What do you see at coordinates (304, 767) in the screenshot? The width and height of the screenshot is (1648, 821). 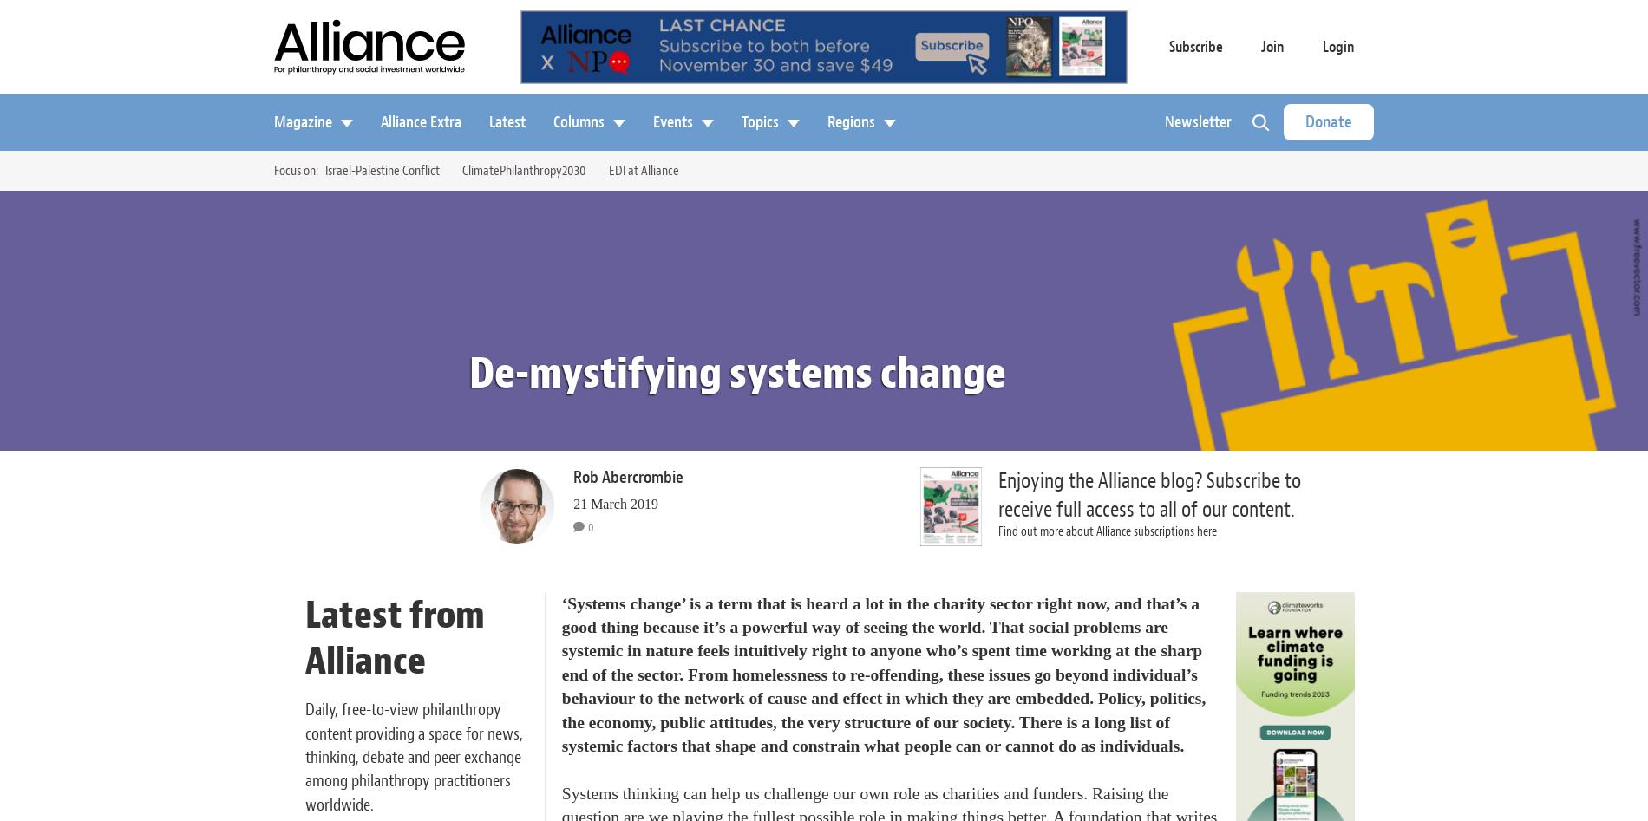 I see `'a space for news, thinking, debate and peer exchange among philanthropy practitioners worldwide.'` at bounding box center [304, 767].